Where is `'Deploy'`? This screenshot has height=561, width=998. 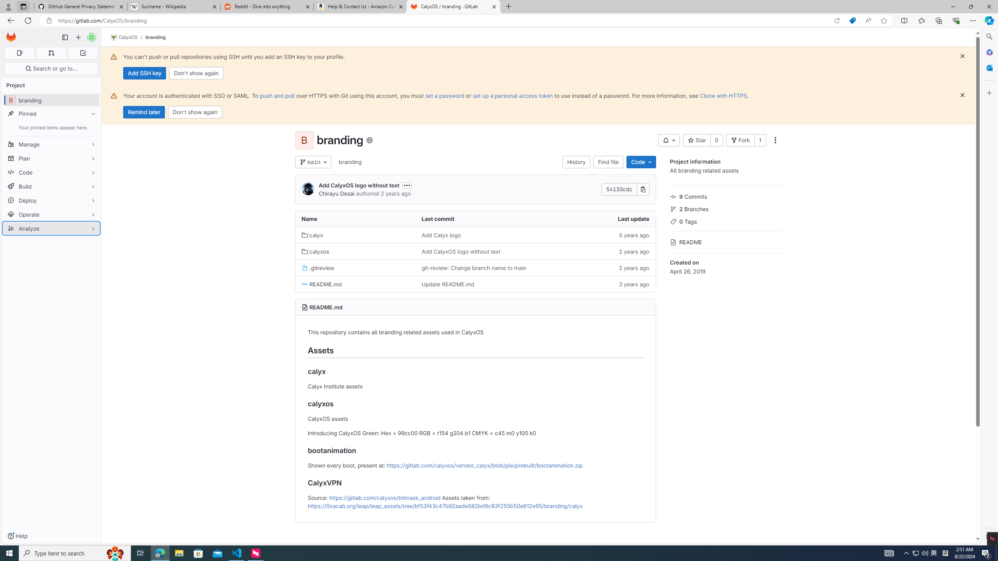 'Deploy' is located at coordinates (51, 200).